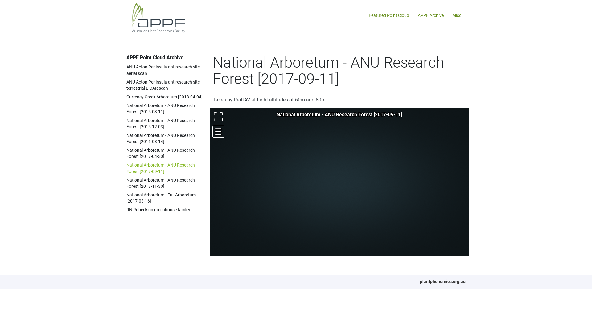 This screenshot has width=592, height=333. I want to click on 'National Arboretum - Full Arboretum [2017-03-16]', so click(126, 198).